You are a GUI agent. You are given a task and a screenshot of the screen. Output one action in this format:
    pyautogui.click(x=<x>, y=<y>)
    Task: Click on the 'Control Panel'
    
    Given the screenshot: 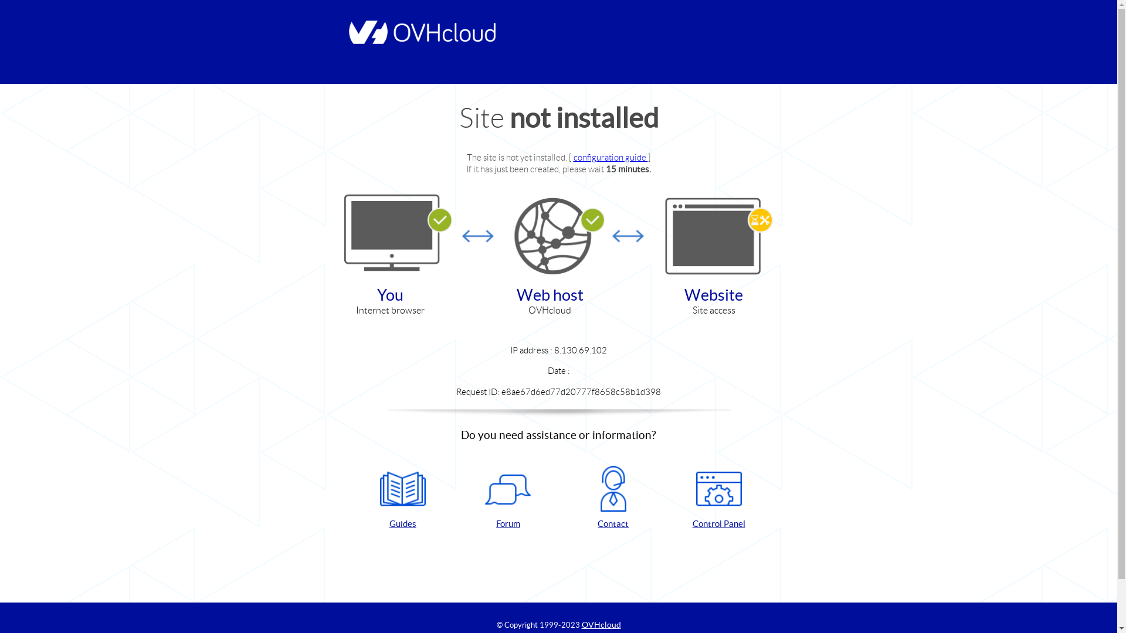 What is the action you would take?
    pyautogui.click(x=718, y=498)
    